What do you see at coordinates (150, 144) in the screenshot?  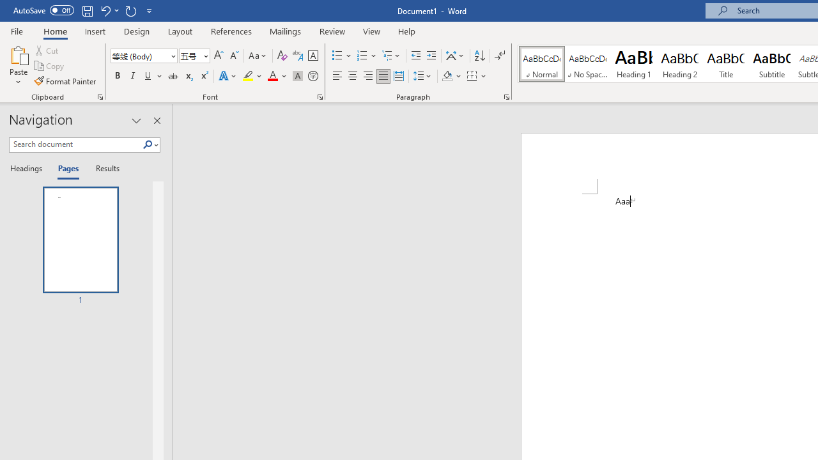 I see `'Search'` at bounding box center [150, 144].